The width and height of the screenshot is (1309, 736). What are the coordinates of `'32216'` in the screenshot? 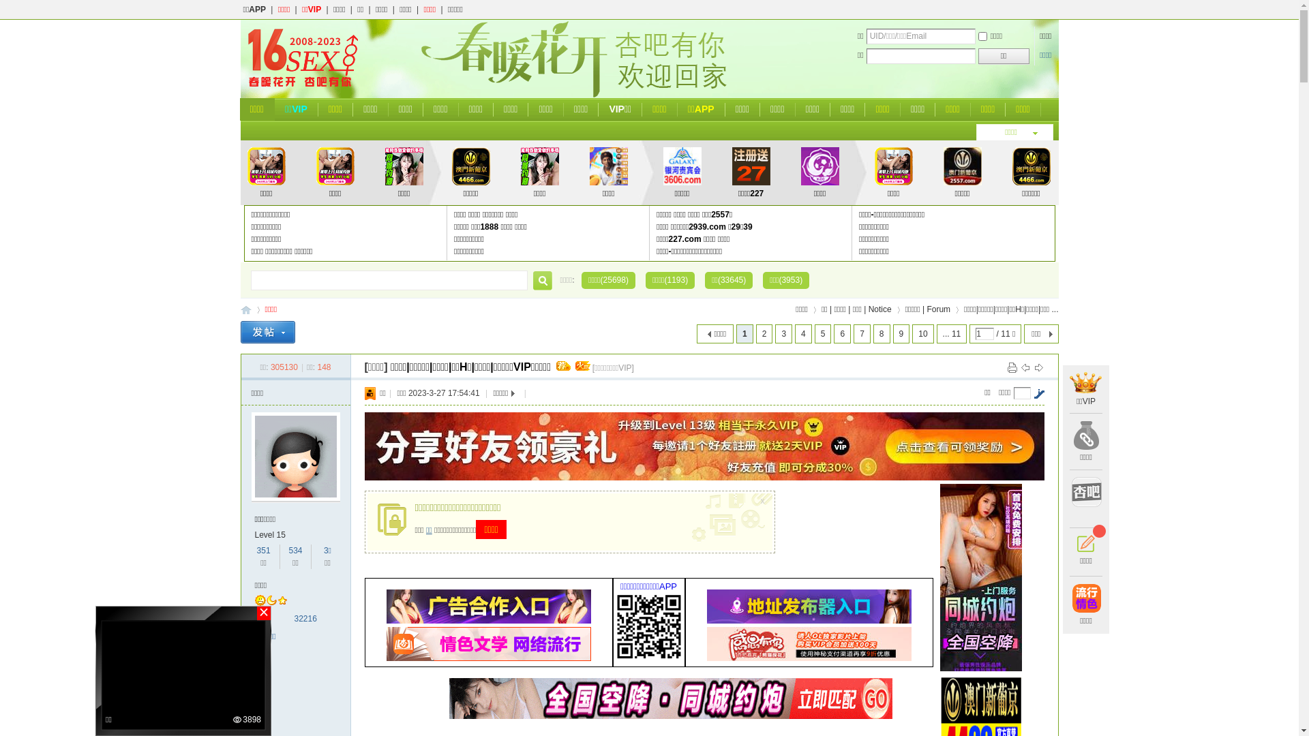 It's located at (305, 618).